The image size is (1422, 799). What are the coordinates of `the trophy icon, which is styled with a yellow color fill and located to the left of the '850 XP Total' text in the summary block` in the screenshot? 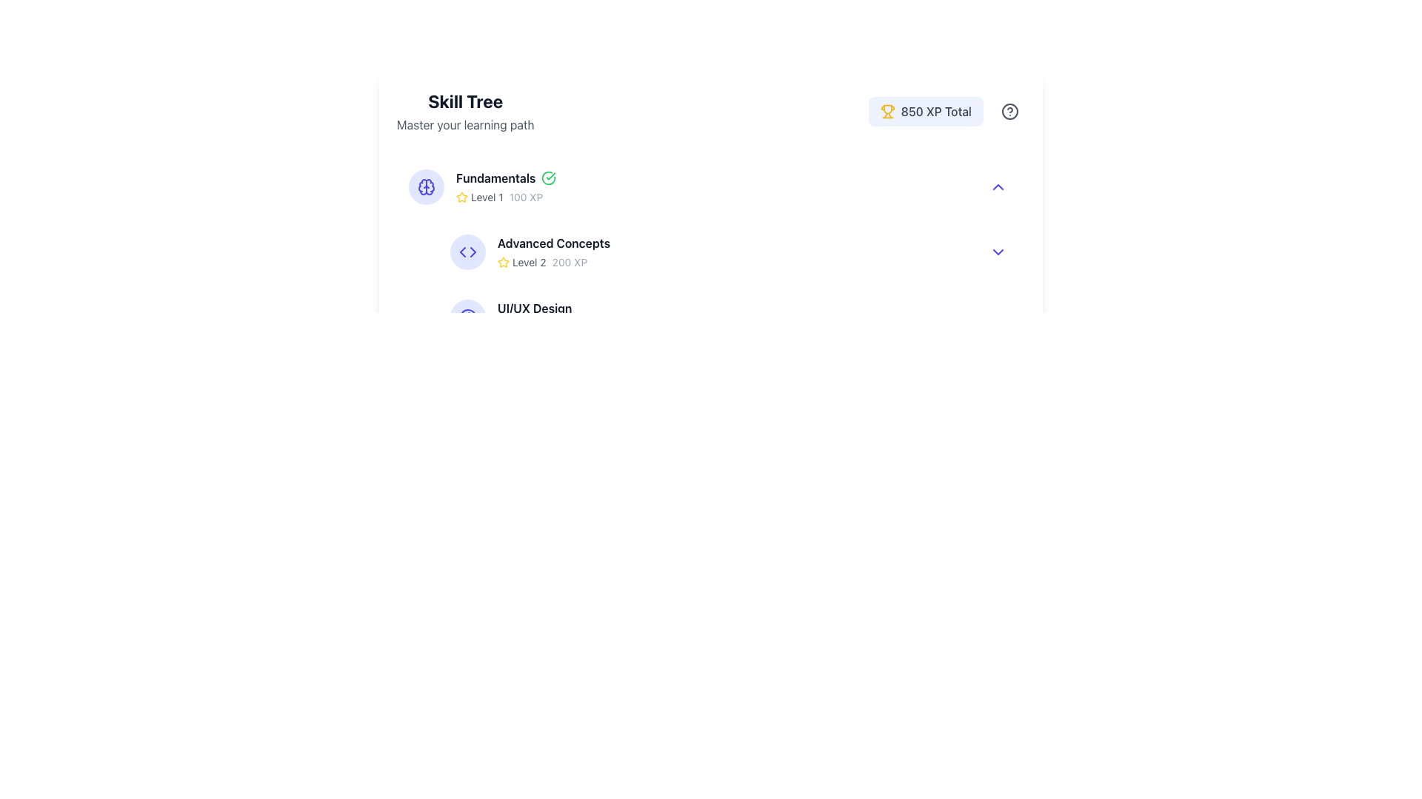 It's located at (887, 110).